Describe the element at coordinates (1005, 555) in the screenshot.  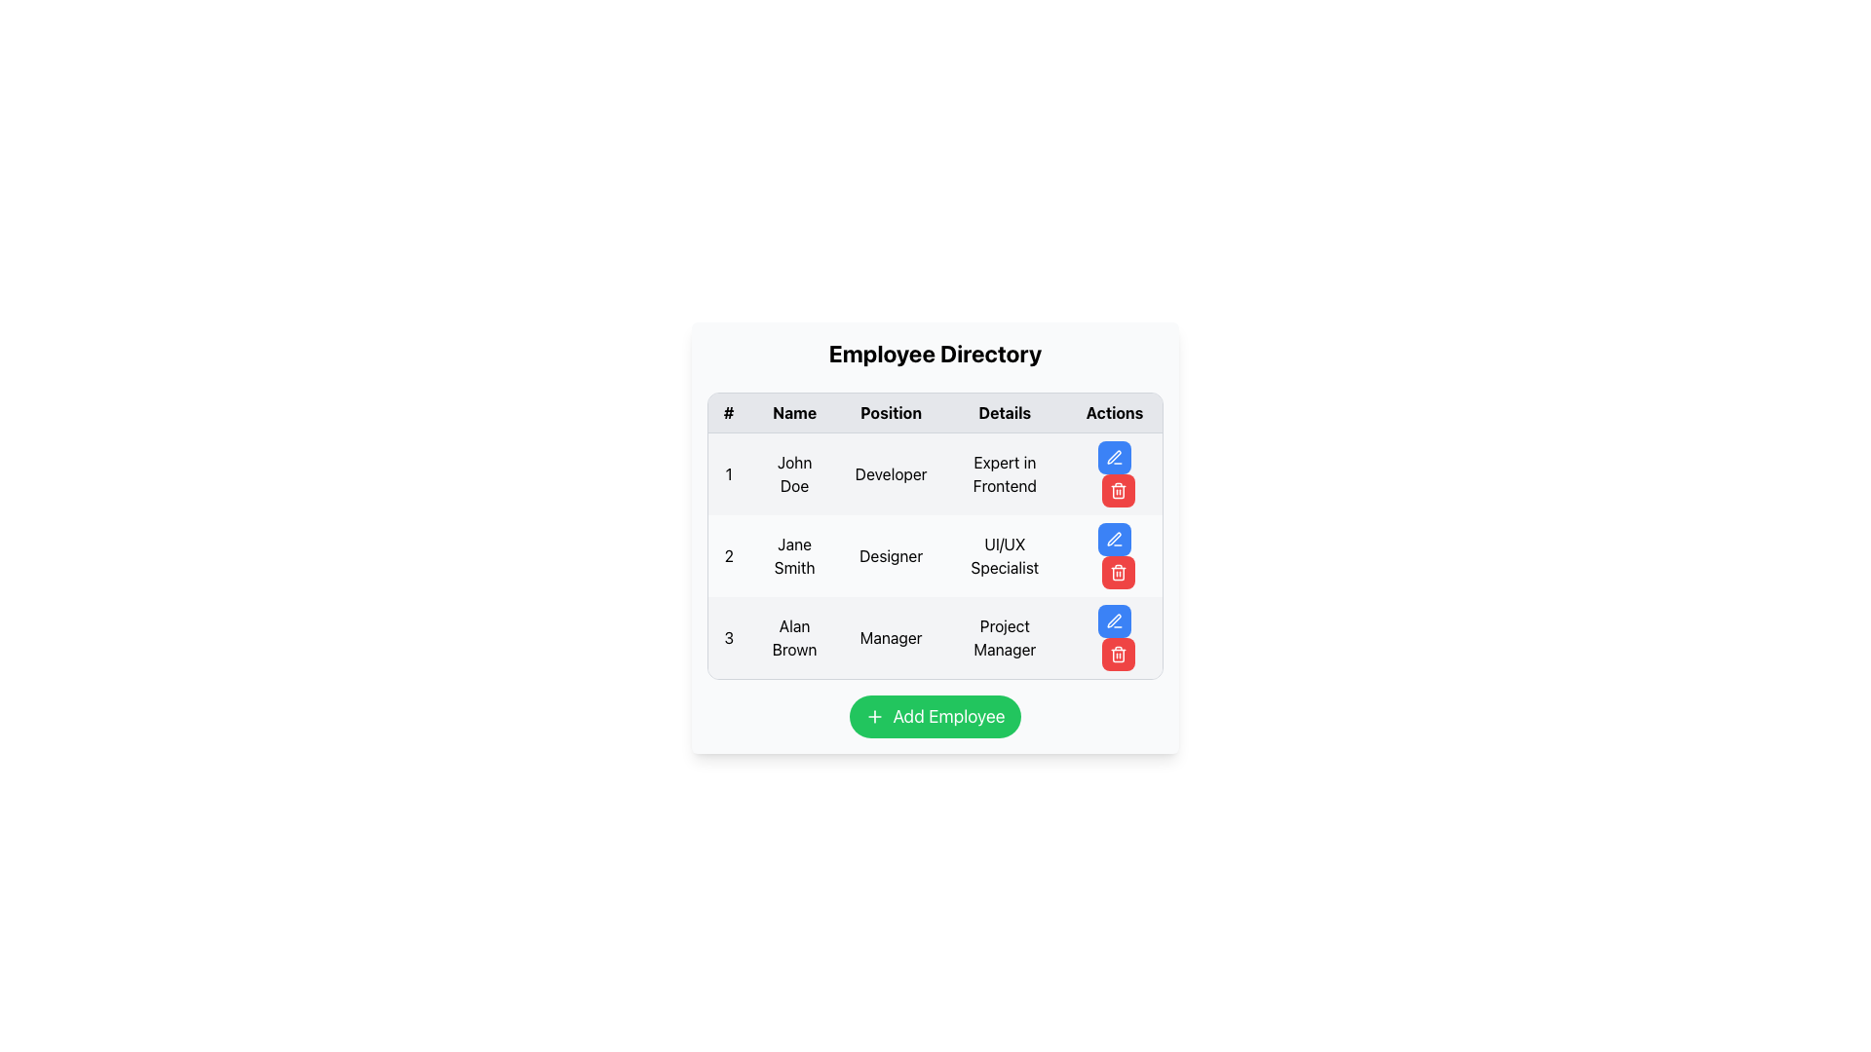
I see `the text 'UI/UX Specialist' displayed in the 'Details' column of the second row in the table` at that location.